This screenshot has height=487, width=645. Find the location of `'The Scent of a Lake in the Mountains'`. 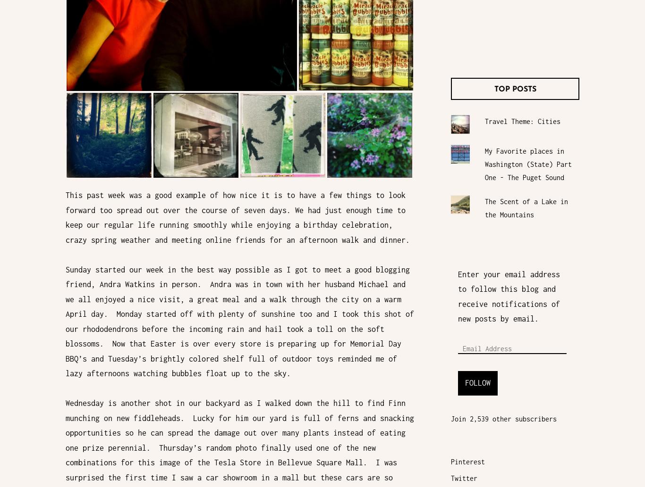

'The Scent of a Lake in the Mountains' is located at coordinates (526, 207).